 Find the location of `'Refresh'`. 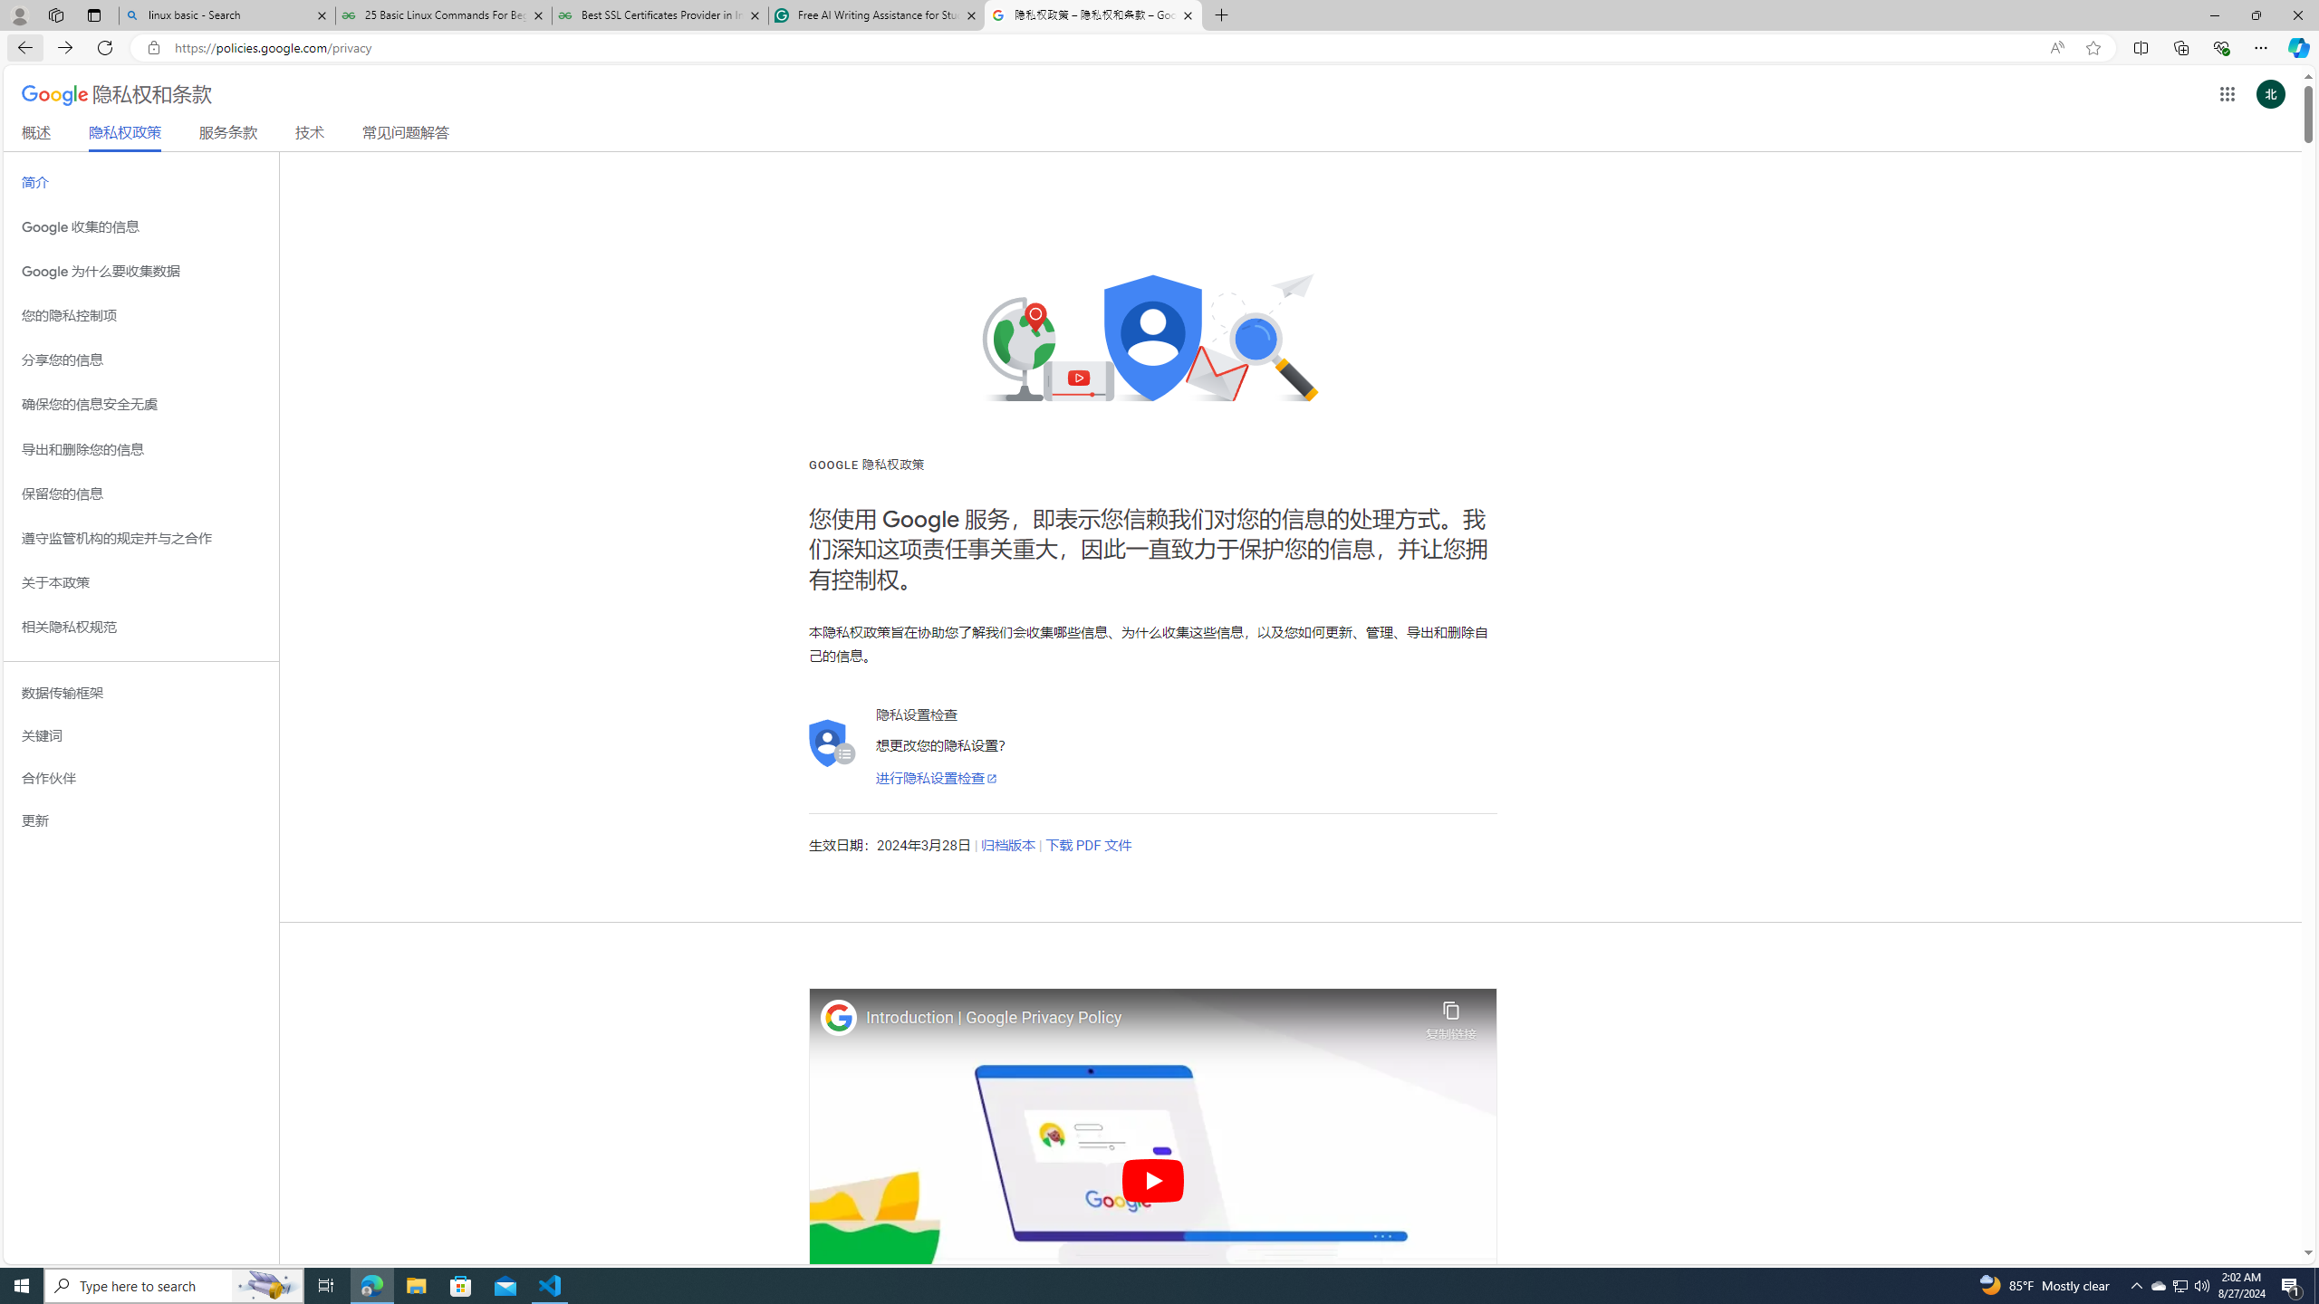

'Refresh' is located at coordinates (104, 46).